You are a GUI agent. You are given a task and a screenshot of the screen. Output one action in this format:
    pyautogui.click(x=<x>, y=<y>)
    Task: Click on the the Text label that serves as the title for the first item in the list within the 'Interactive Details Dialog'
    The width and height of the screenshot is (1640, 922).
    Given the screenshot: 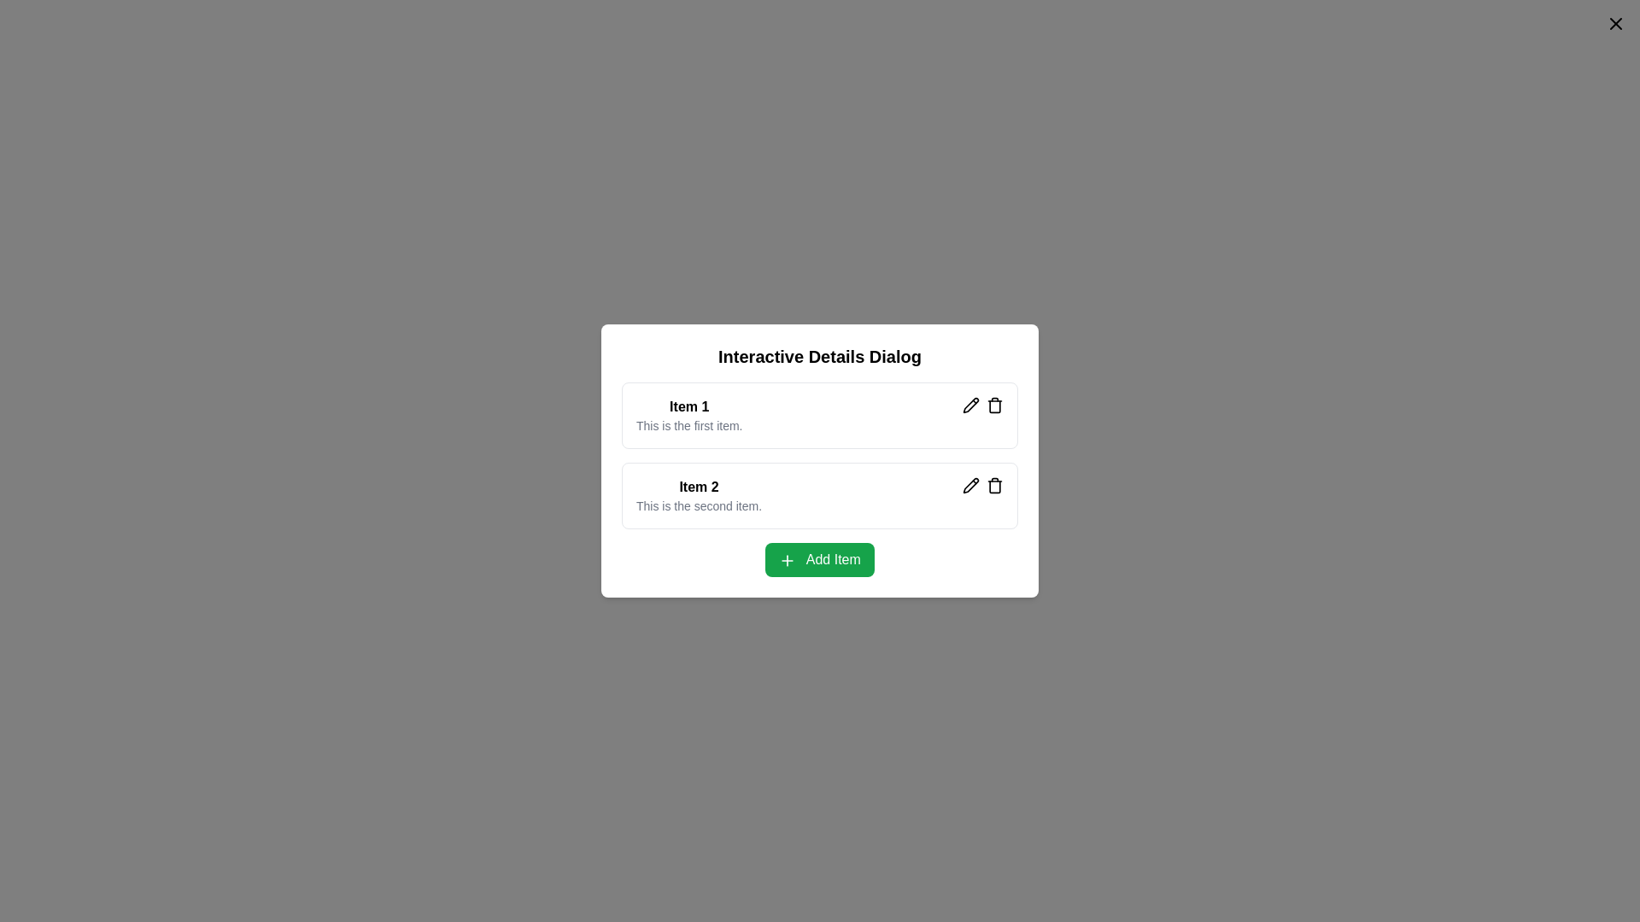 What is the action you would take?
    pyautogui.click(x=689, y=407)
    